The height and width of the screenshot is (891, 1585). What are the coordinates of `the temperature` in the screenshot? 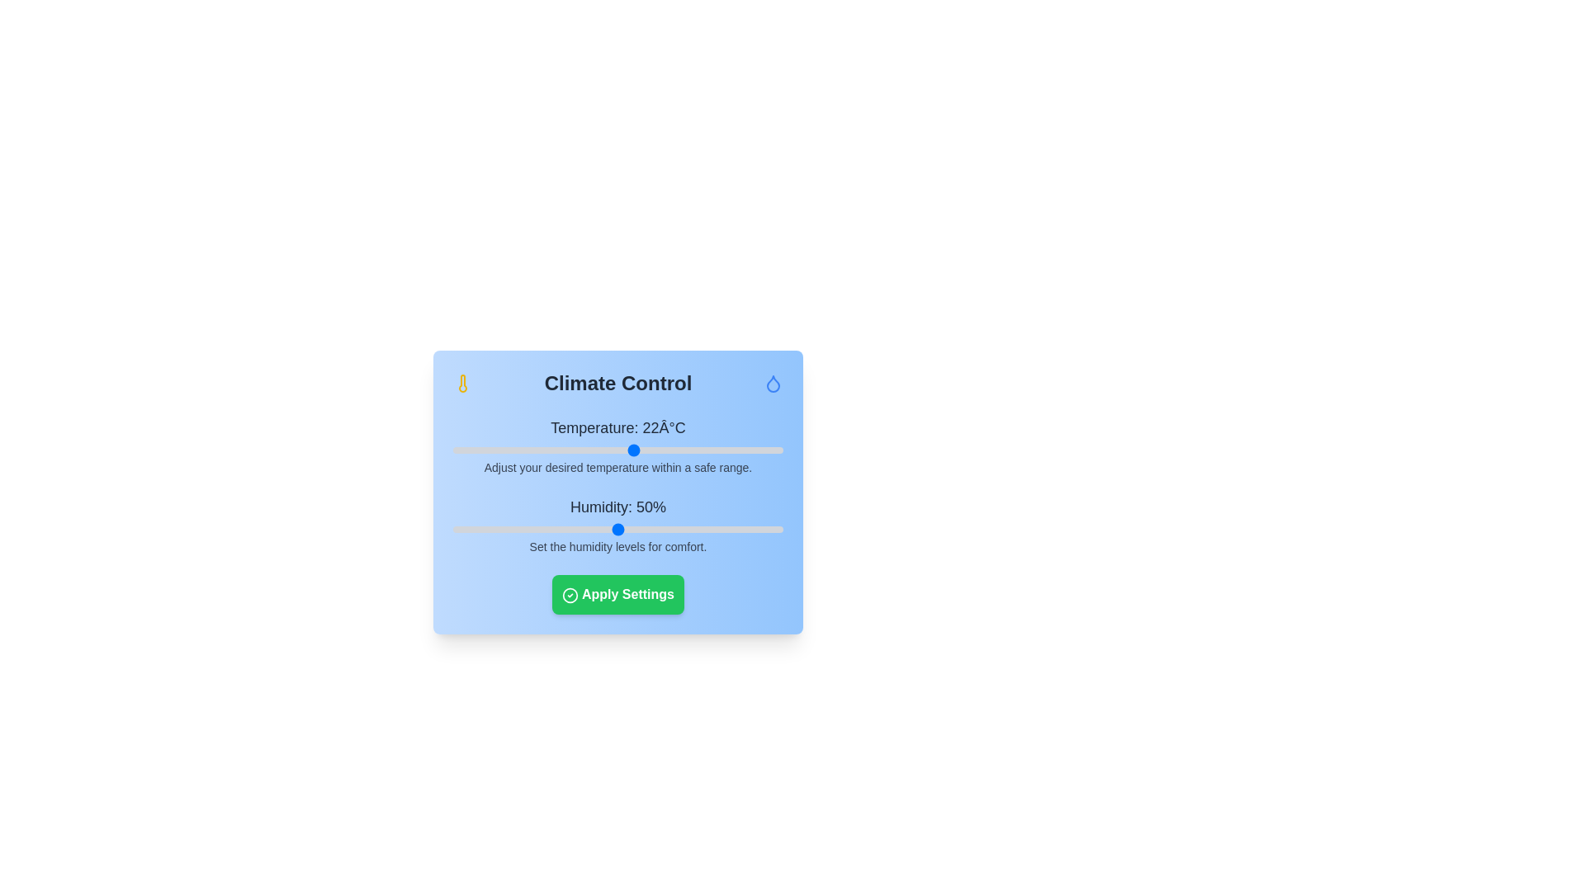 It's located at (585, 450).